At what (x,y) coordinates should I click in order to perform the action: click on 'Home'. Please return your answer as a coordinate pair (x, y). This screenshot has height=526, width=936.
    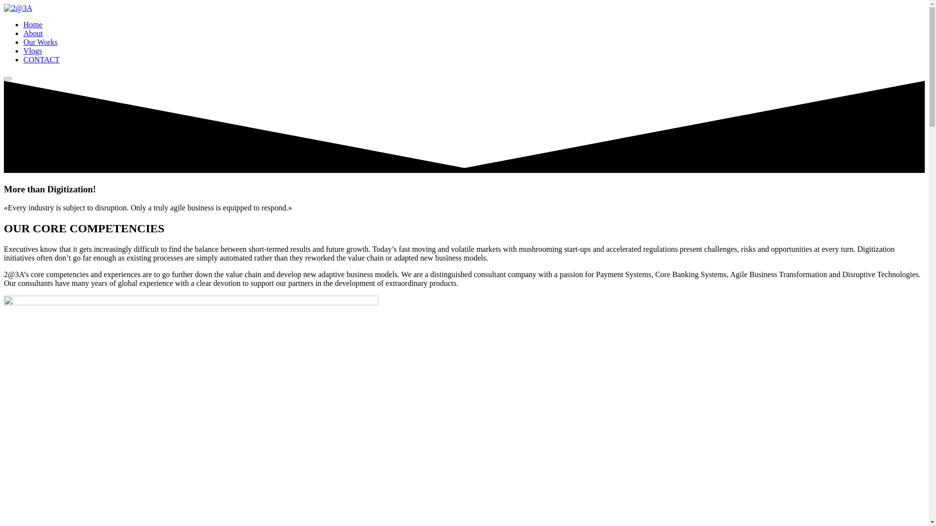
    Looking at the image, I should click on (33, 24).